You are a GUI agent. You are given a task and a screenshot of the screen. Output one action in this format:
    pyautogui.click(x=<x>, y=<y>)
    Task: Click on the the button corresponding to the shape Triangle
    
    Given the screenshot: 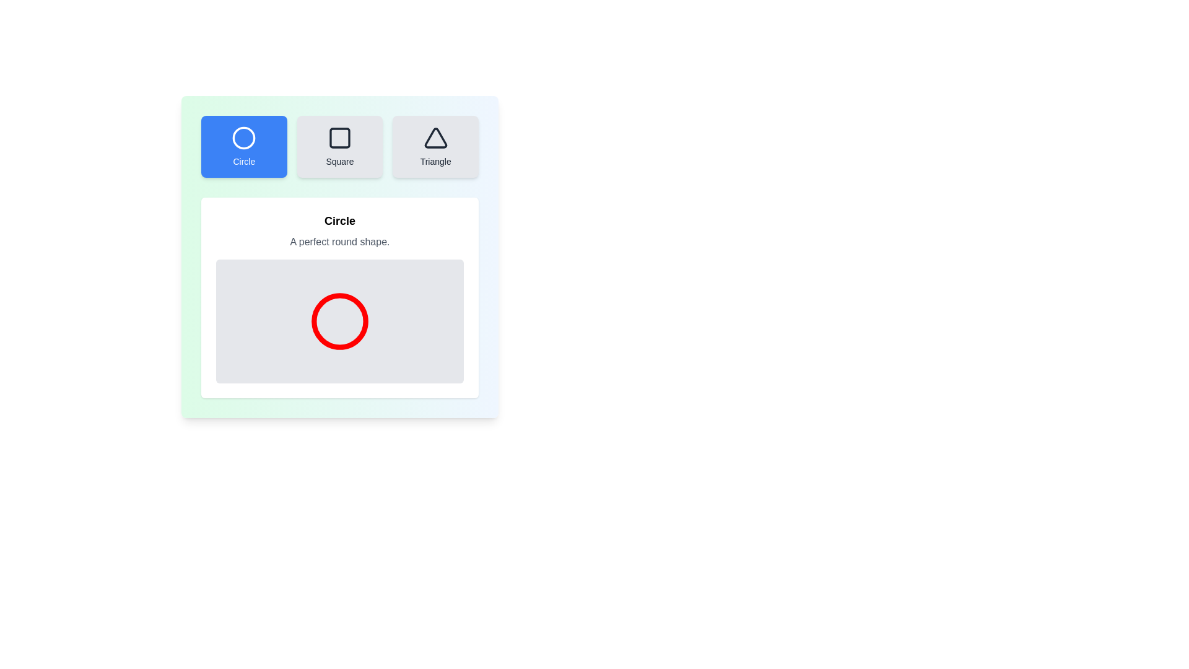 What is the action you would take?
    pyautogui.click(x=435, y=146)
    